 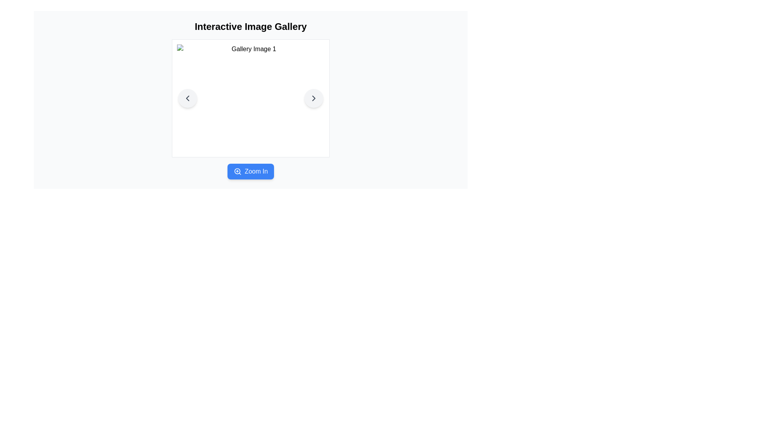 I want to click on the chevron icon located on the right side of the gallery component, so click(x=313, y=98).